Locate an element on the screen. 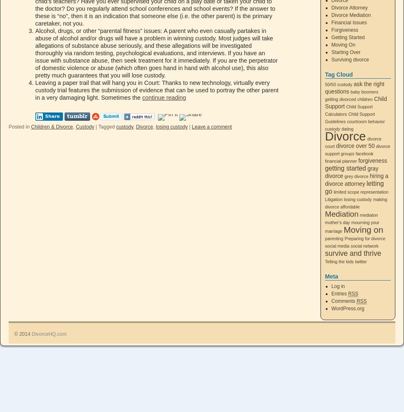  'divorce court' is located at coordinates (353, 142).